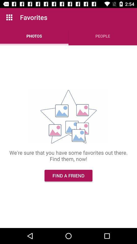 This screenshot has width=137, height=244. What do you see at coordinates (103, 36) in the screenshot?
I see `the people at the top right corner` at bounding box center [103, 36].